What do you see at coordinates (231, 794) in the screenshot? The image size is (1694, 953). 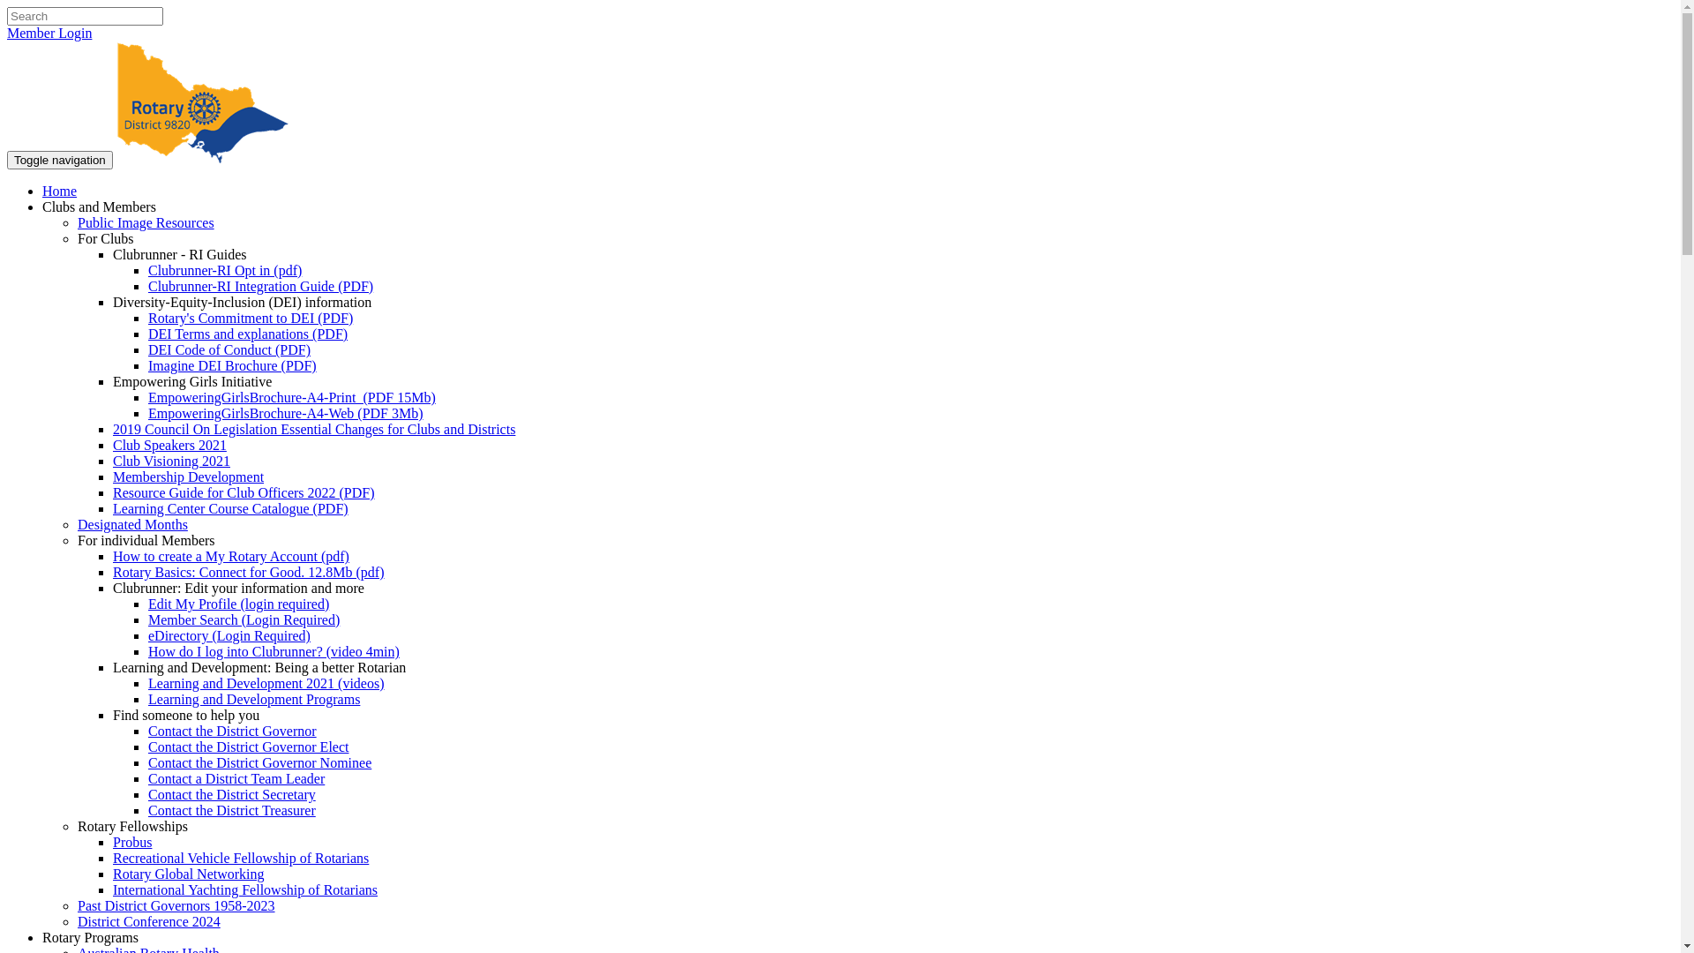 I see `'Contact the District Secretary'` at bounding box center [231, 794].